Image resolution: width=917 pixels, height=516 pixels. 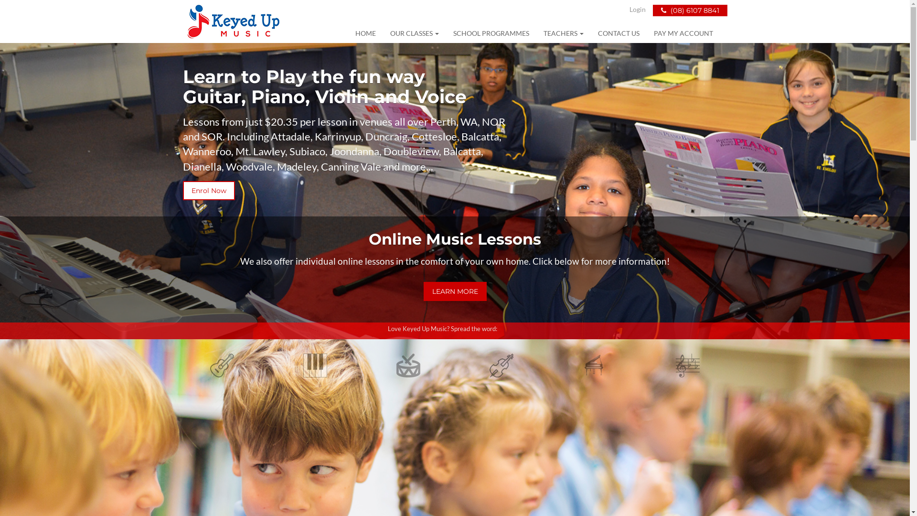 I want to click on 'OUR CLASSES', so click(x=415, y=32).